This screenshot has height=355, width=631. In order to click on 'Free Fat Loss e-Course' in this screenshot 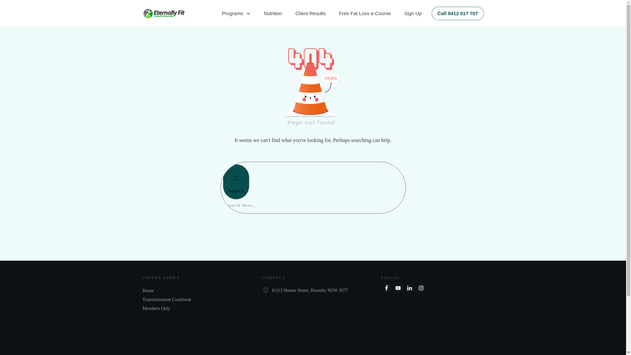, I will do `click(364, 13)`.